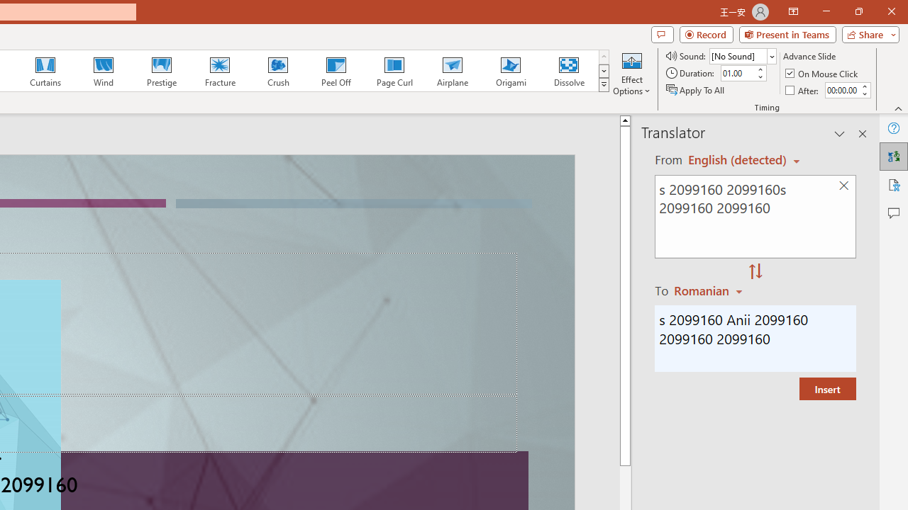  I want to click on 'Prestige', so click(161, 71).